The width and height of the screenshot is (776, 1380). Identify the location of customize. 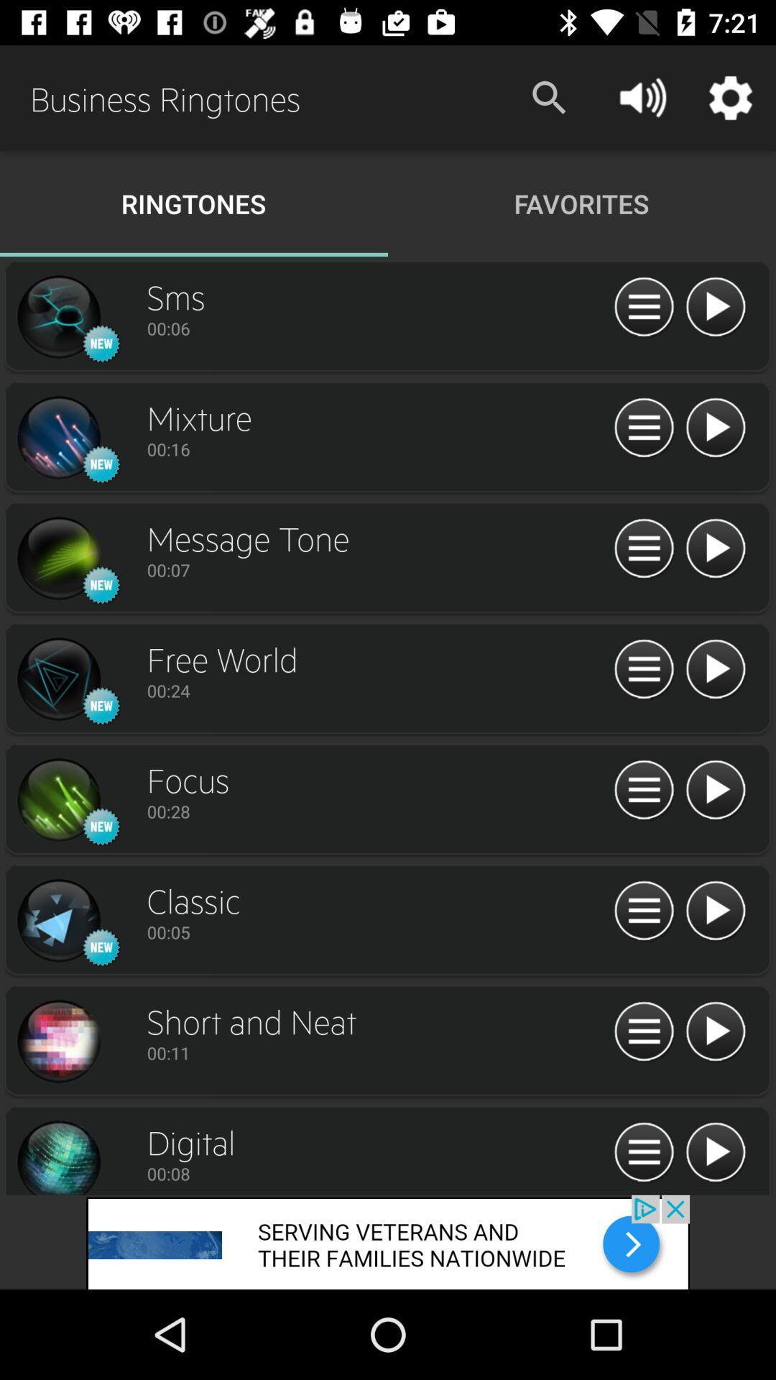
(643, 911).